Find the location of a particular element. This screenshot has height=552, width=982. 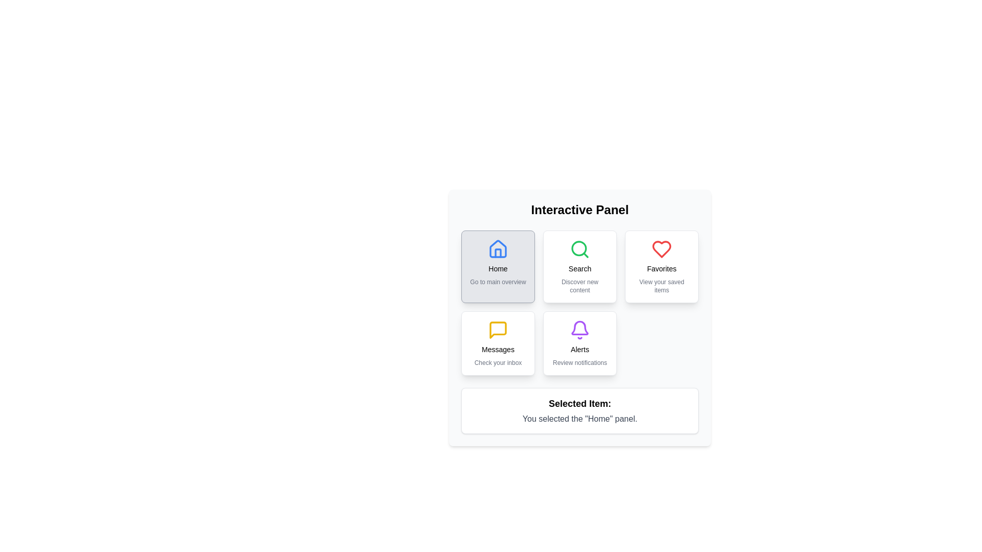

feedback message text 'You selected the "Home" panel.' which appears below 'Selected Item:' in the feedback section is located at coordinates (579, 419).